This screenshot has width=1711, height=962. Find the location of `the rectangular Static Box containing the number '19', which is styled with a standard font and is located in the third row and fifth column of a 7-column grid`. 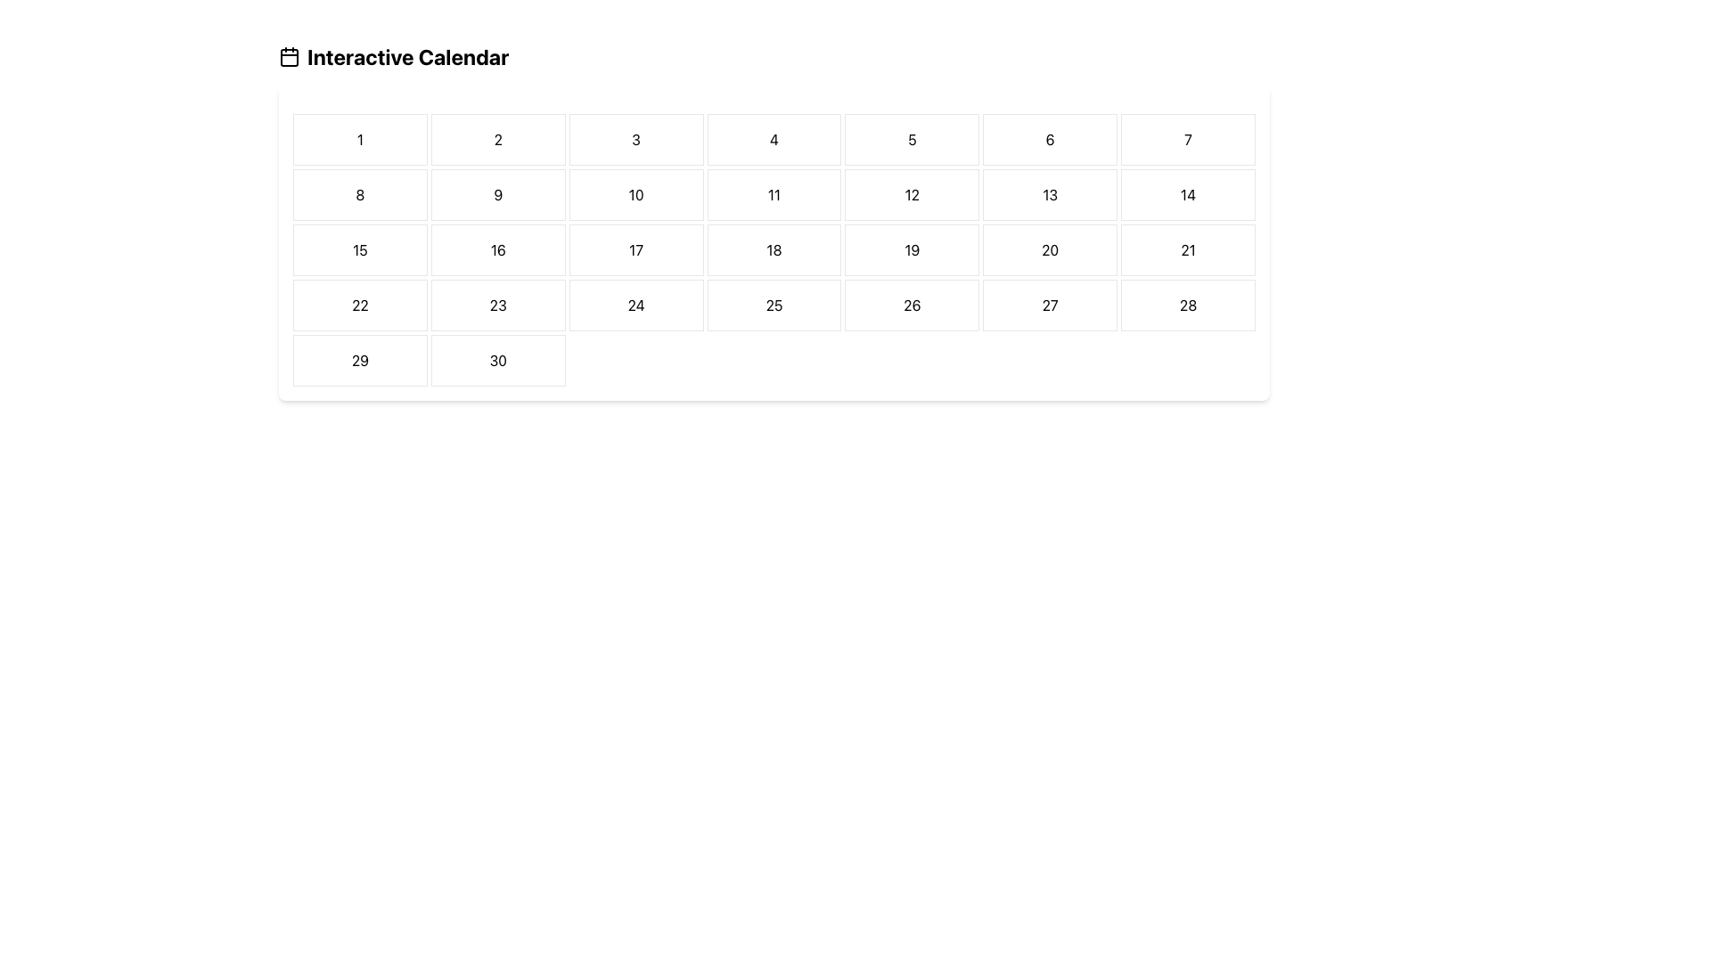

the rectangular Static Box containing the number '19', which is styled with a standard font and is located in the third row and fifth column of a 7-column grid is located at coordinates (912, 250).